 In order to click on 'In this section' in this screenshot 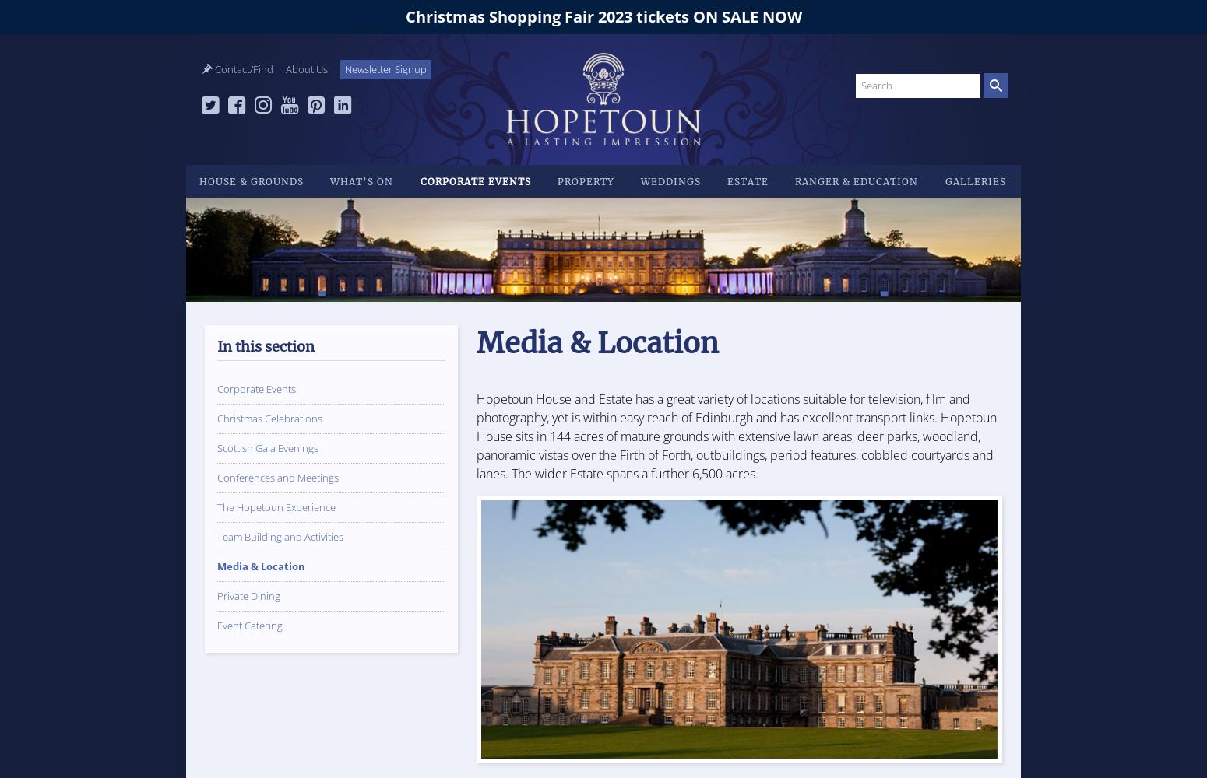, I will do `click(264, 345)`.